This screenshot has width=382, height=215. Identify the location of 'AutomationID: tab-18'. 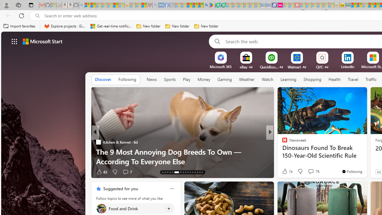
(174, 172).